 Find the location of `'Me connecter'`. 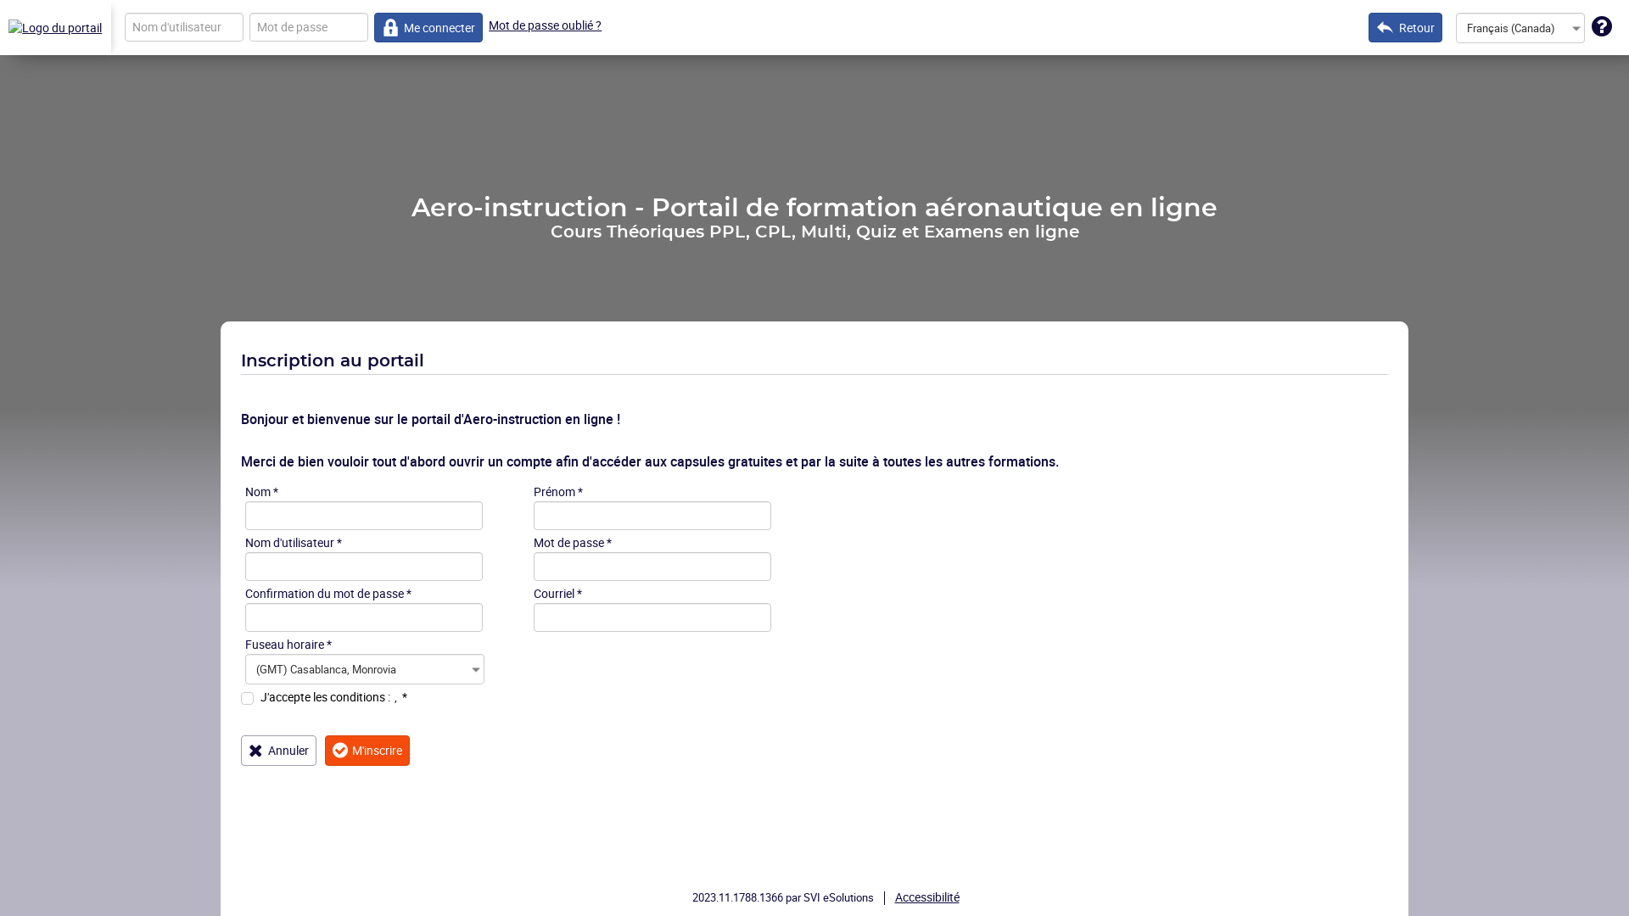

'Me connecter' is located at coordinates (428, 26).